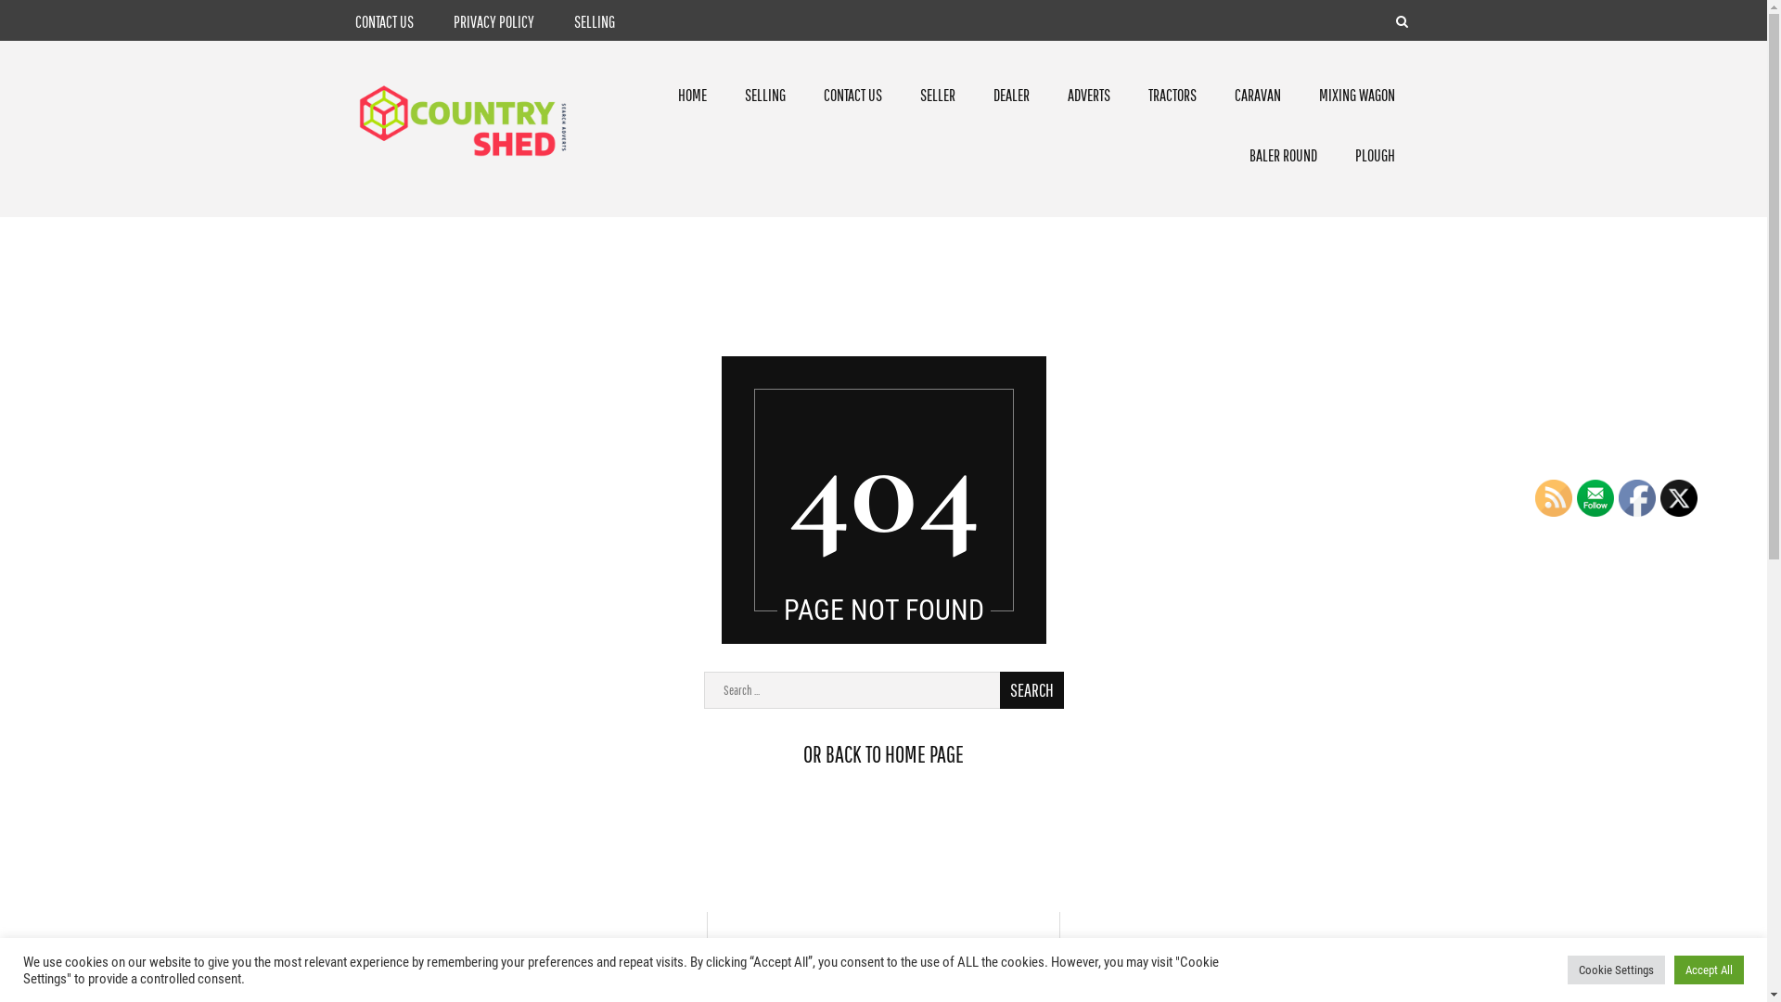 The width and height of the screenshot is (1781, 1002). What do you see at coordinates (1031, 690) in the screenshot?
I see `'Search'` at bounding box center [1031, 690].